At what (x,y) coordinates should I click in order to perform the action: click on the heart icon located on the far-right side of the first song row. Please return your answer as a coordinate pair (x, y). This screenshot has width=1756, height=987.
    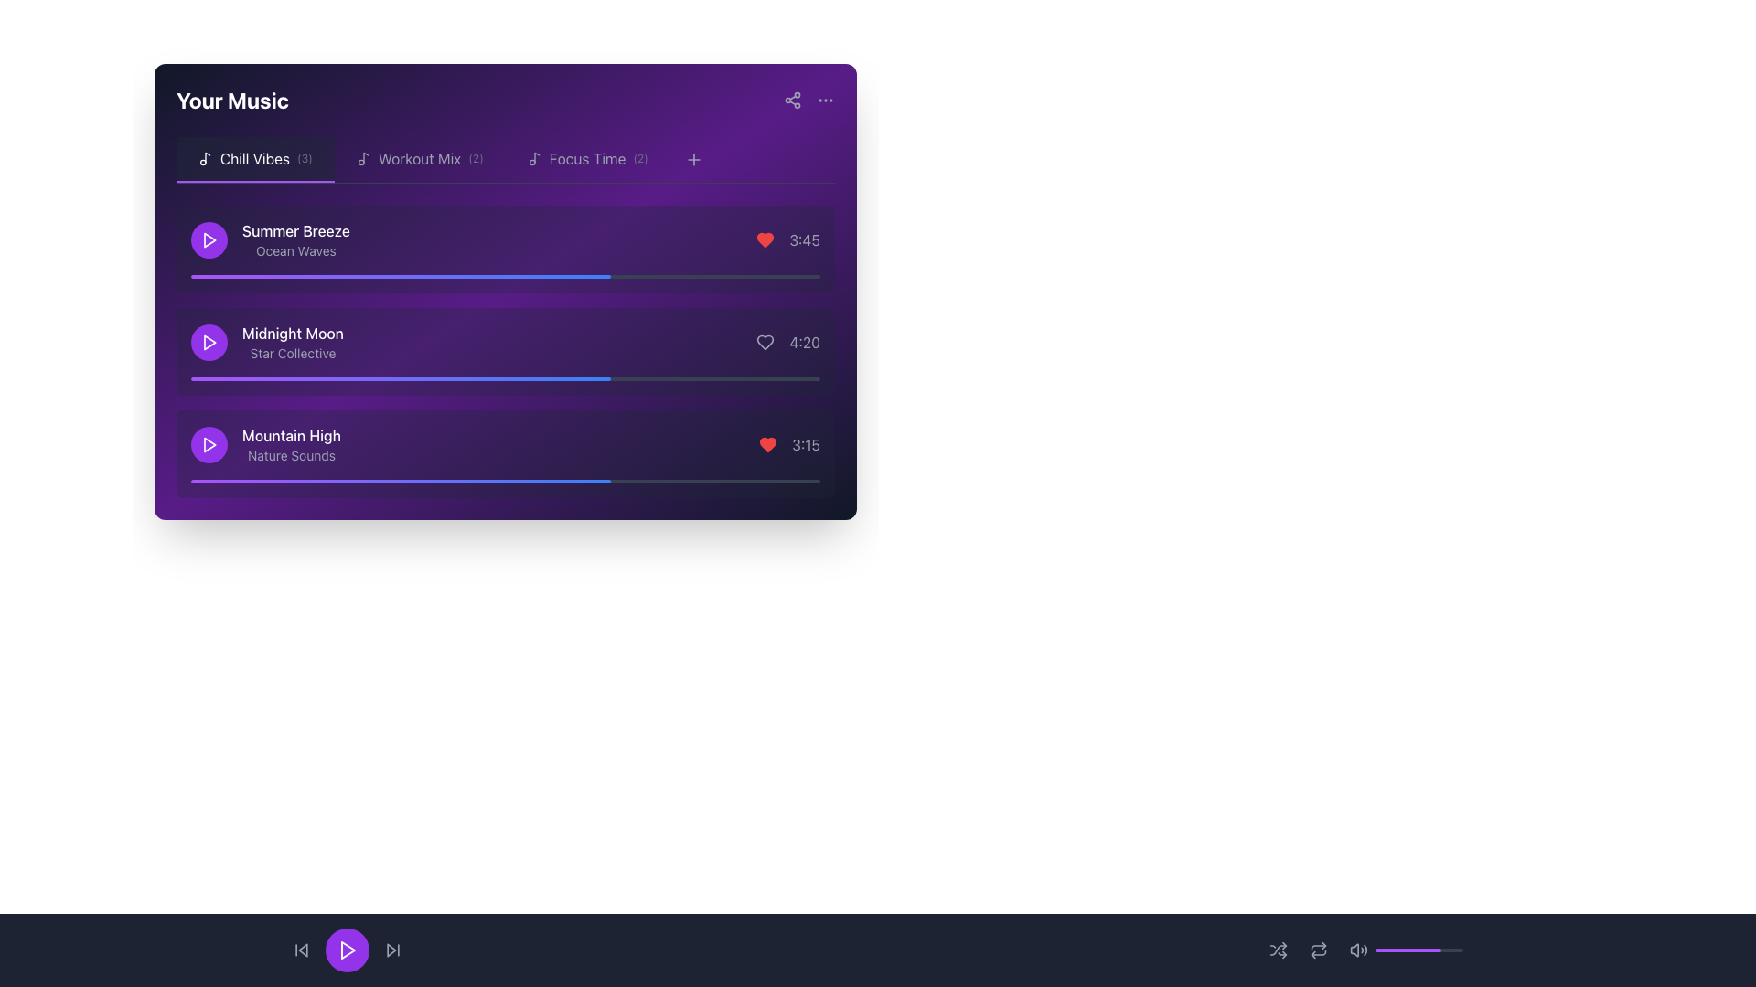
    Looking at the image, I should click on (766, 239).